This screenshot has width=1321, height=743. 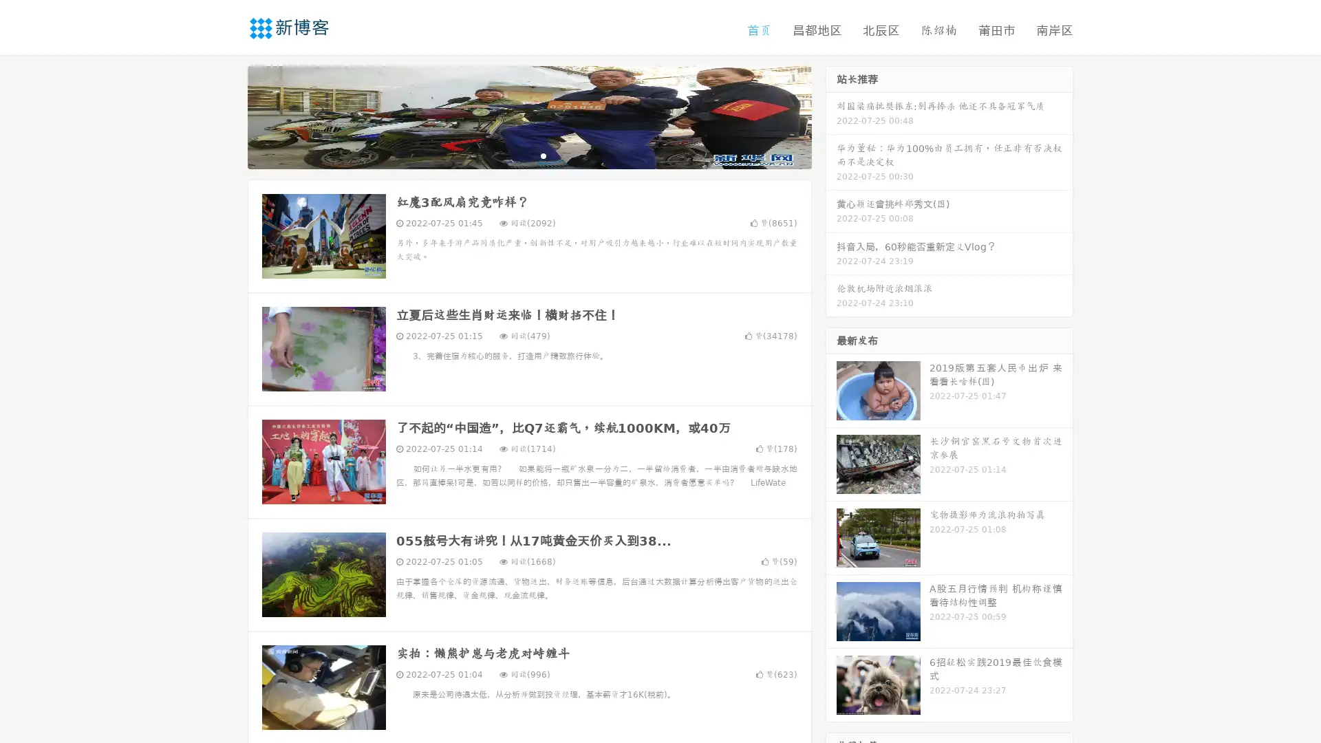 I want to click on Previous slide, so click(x=227, y=116).